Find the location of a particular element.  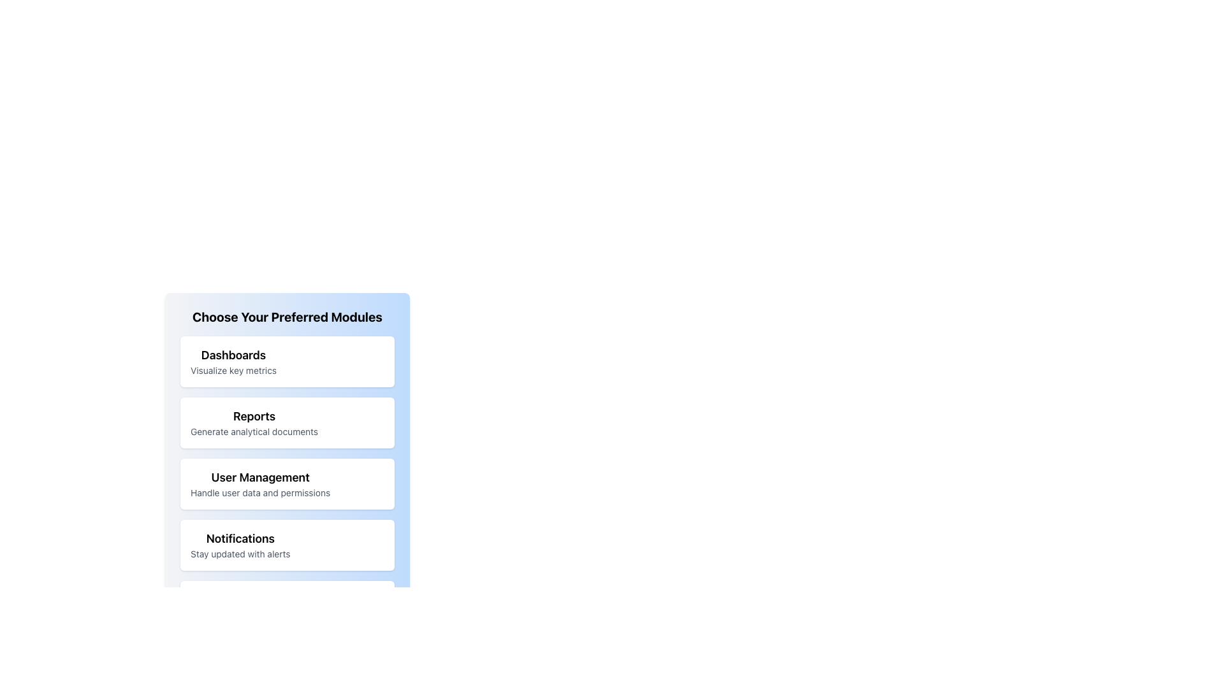

the descriptive Text Label located directly underneath the 'Reports' header in the vertical menu layout is located at coordinates (254, 431).